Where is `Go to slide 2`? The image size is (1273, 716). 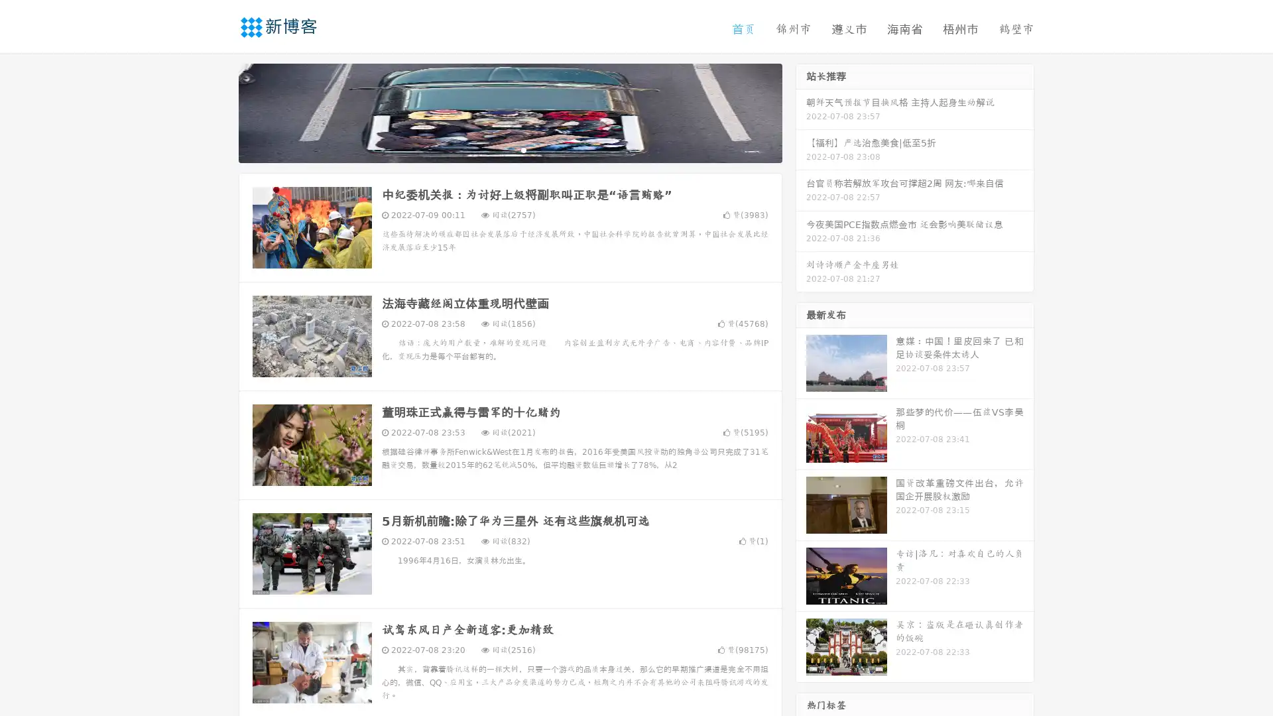
Go to slide 2 is located at coordinates (509, 149).